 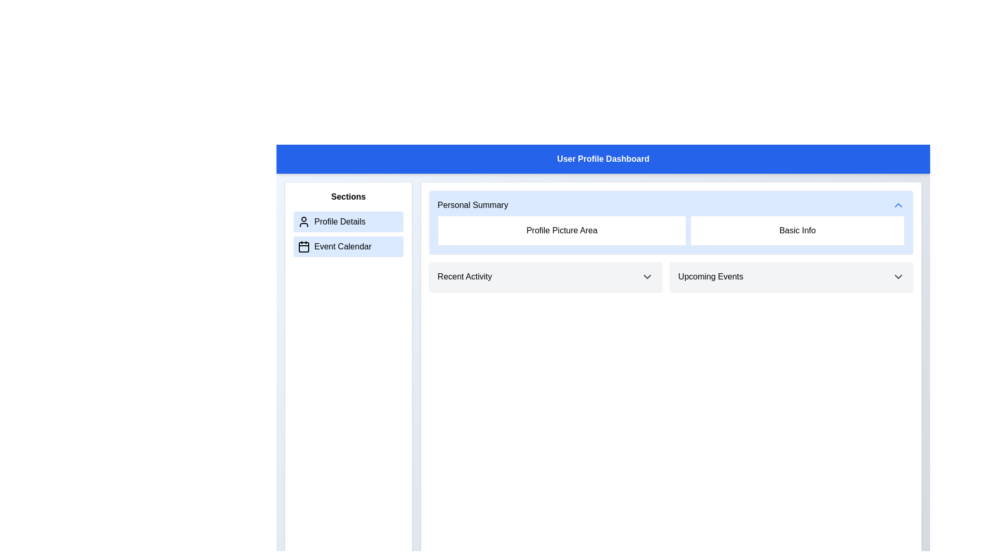 I want to click on the user profile details icon located at the leftmost side of the dashboard, adjacent to the 'Profile Details' label, so click(x=303, y=221).